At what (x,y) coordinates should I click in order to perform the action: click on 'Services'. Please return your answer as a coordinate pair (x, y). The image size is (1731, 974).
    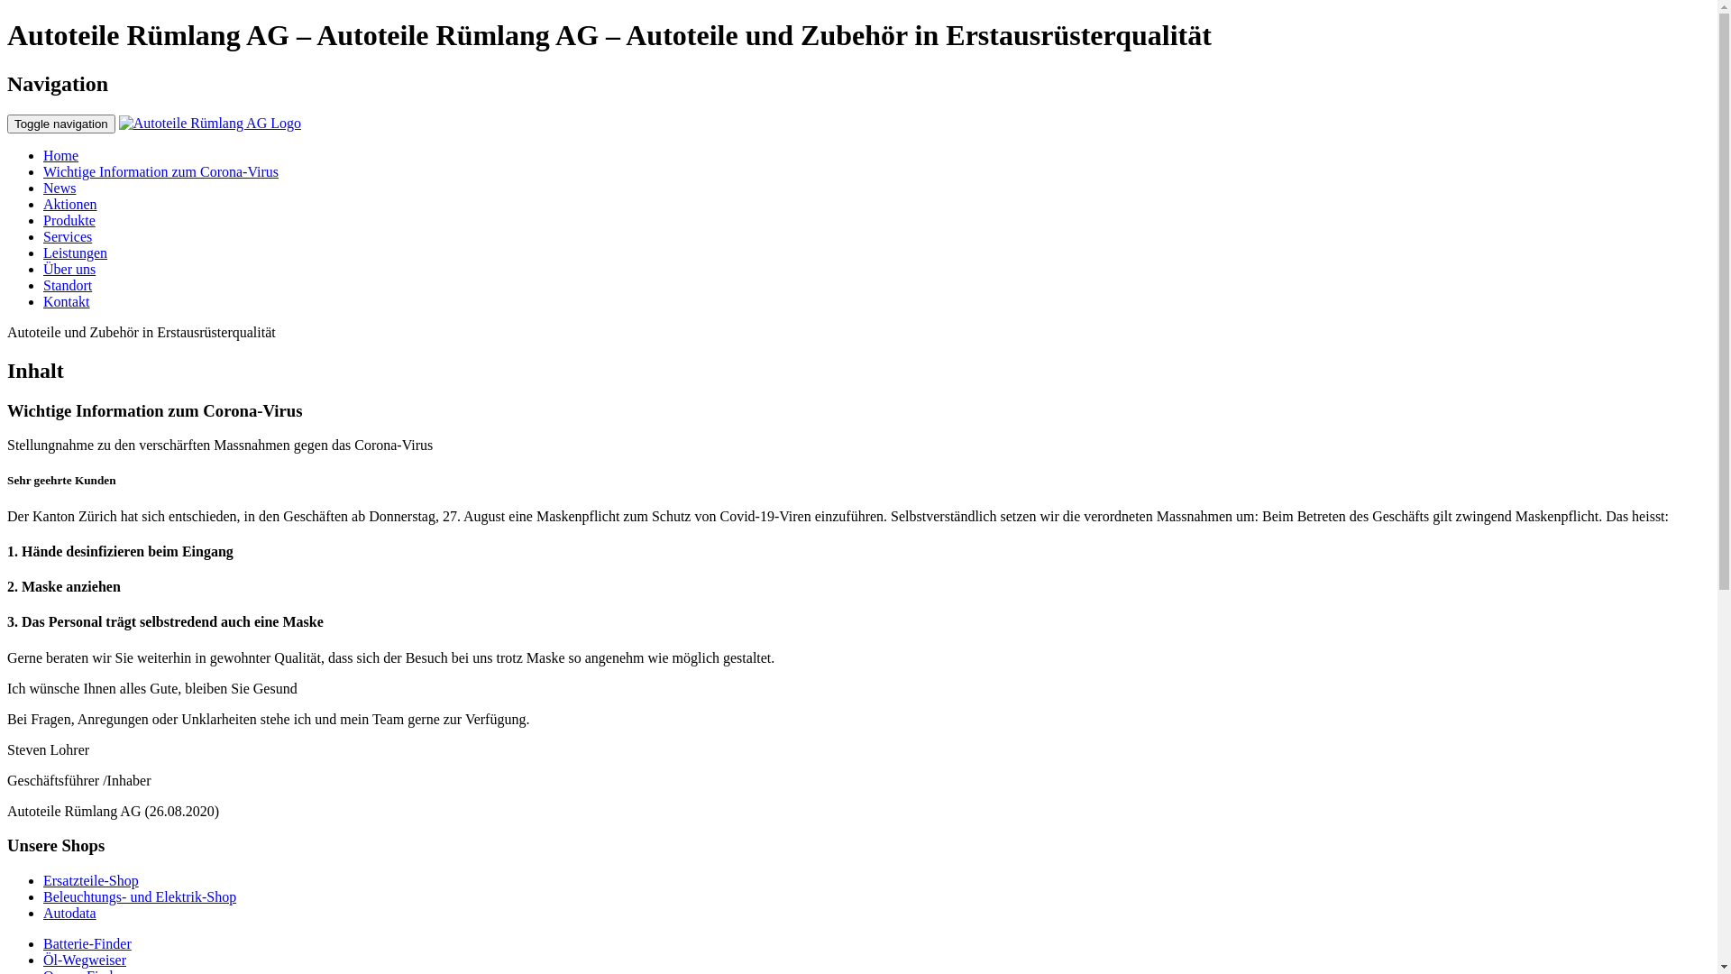
    Looking at the image, I should click on (68, 235).